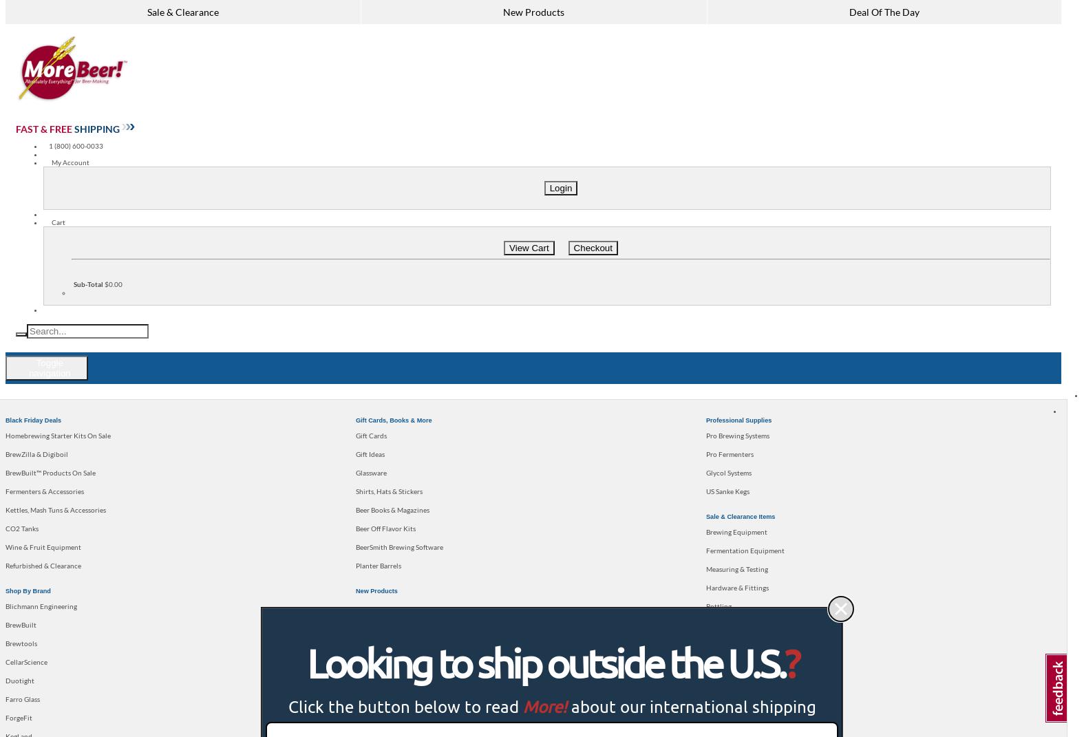 Image resolution: width=1084 pixels, height=737 pixels. I want to click on 'Deal Of The Day', so click(883, 11).